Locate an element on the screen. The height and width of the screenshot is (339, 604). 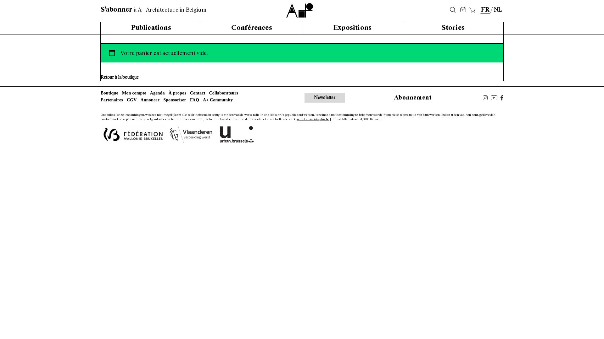
'Agenda' is located at coordinates (157, 93).